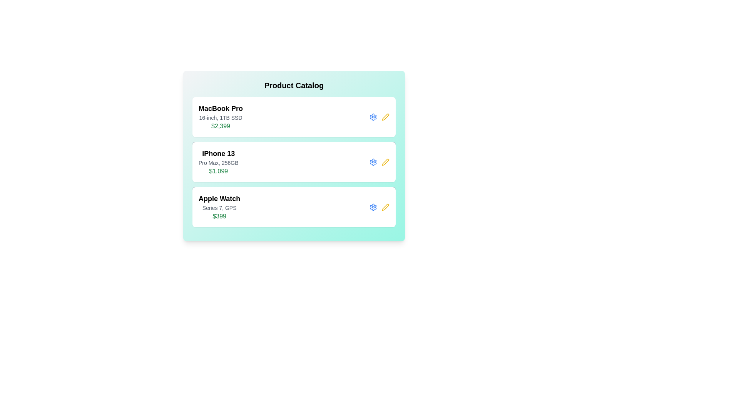 This screenshot has height=416, width=739. What do you see at coordinates (373, 206) in the screenshot?
I see `the settings icon for the product Apple Watch` at bounding box center [373, 206].